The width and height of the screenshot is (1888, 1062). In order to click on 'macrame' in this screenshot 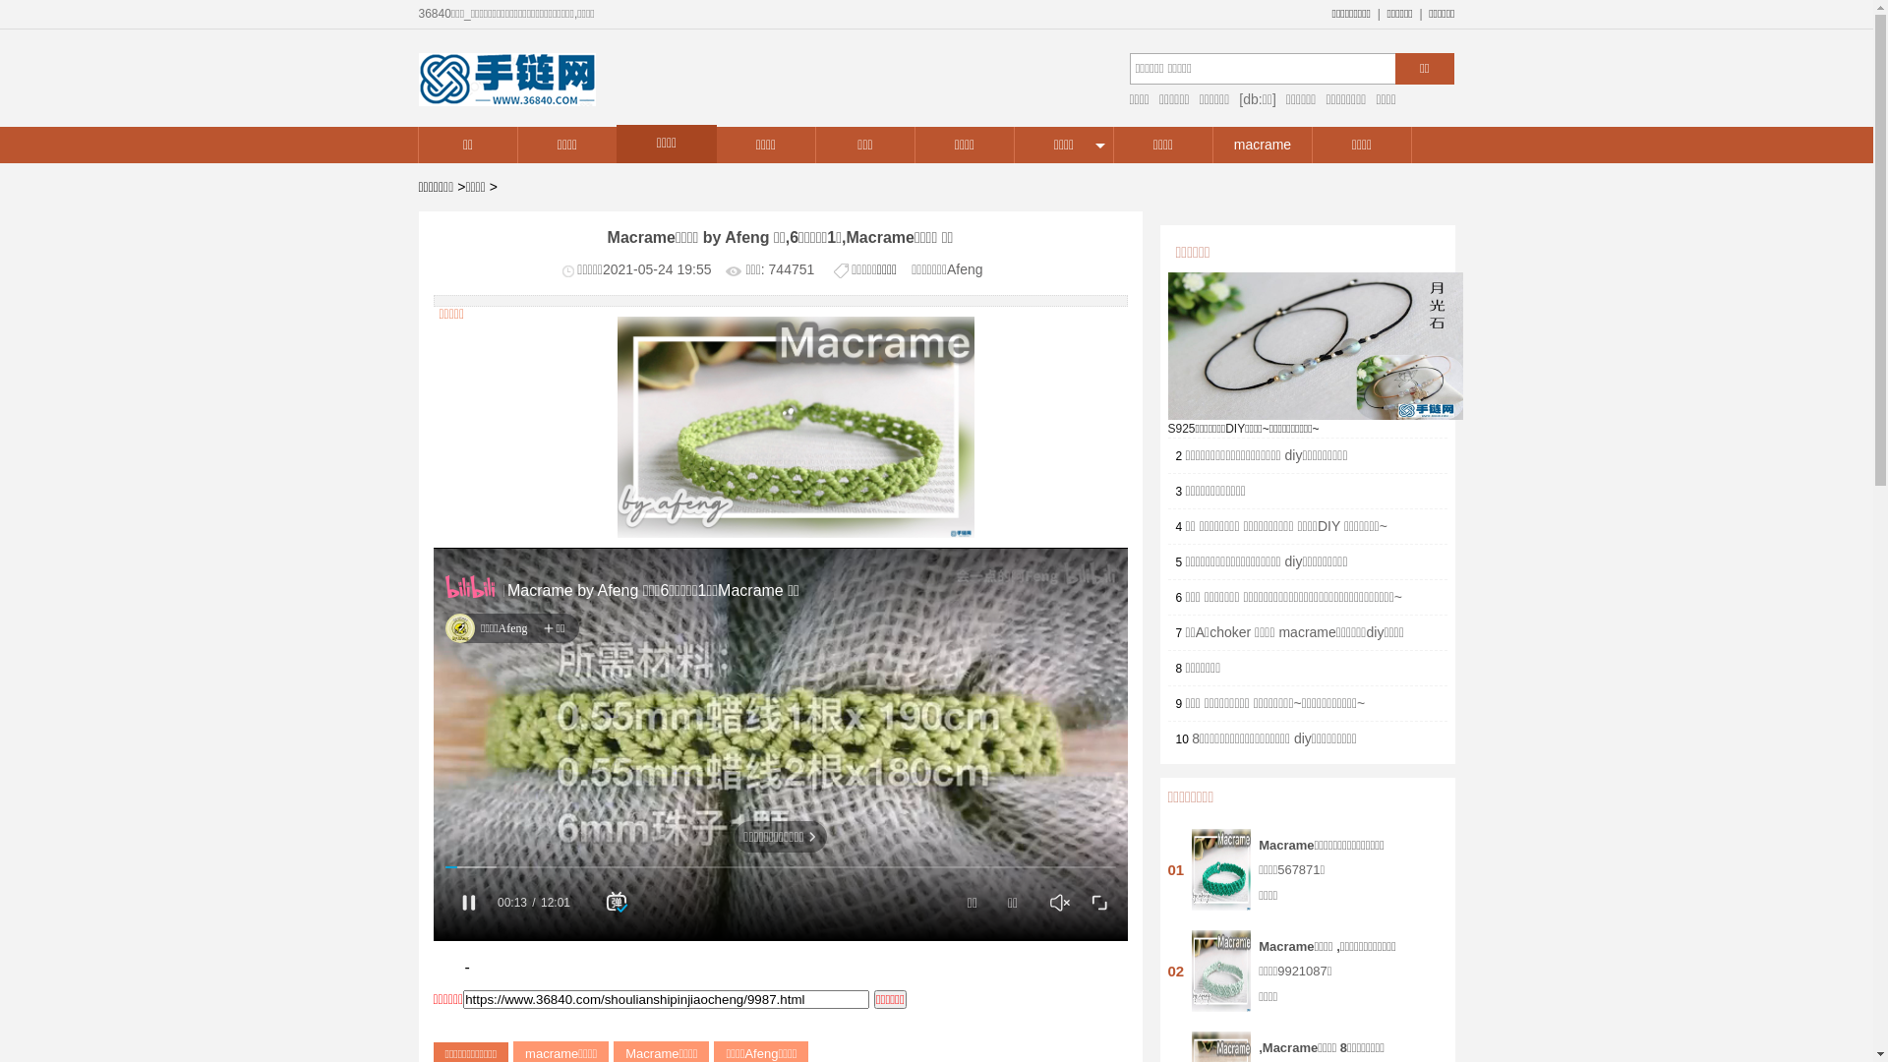, I will do `click(1262, 144)`.